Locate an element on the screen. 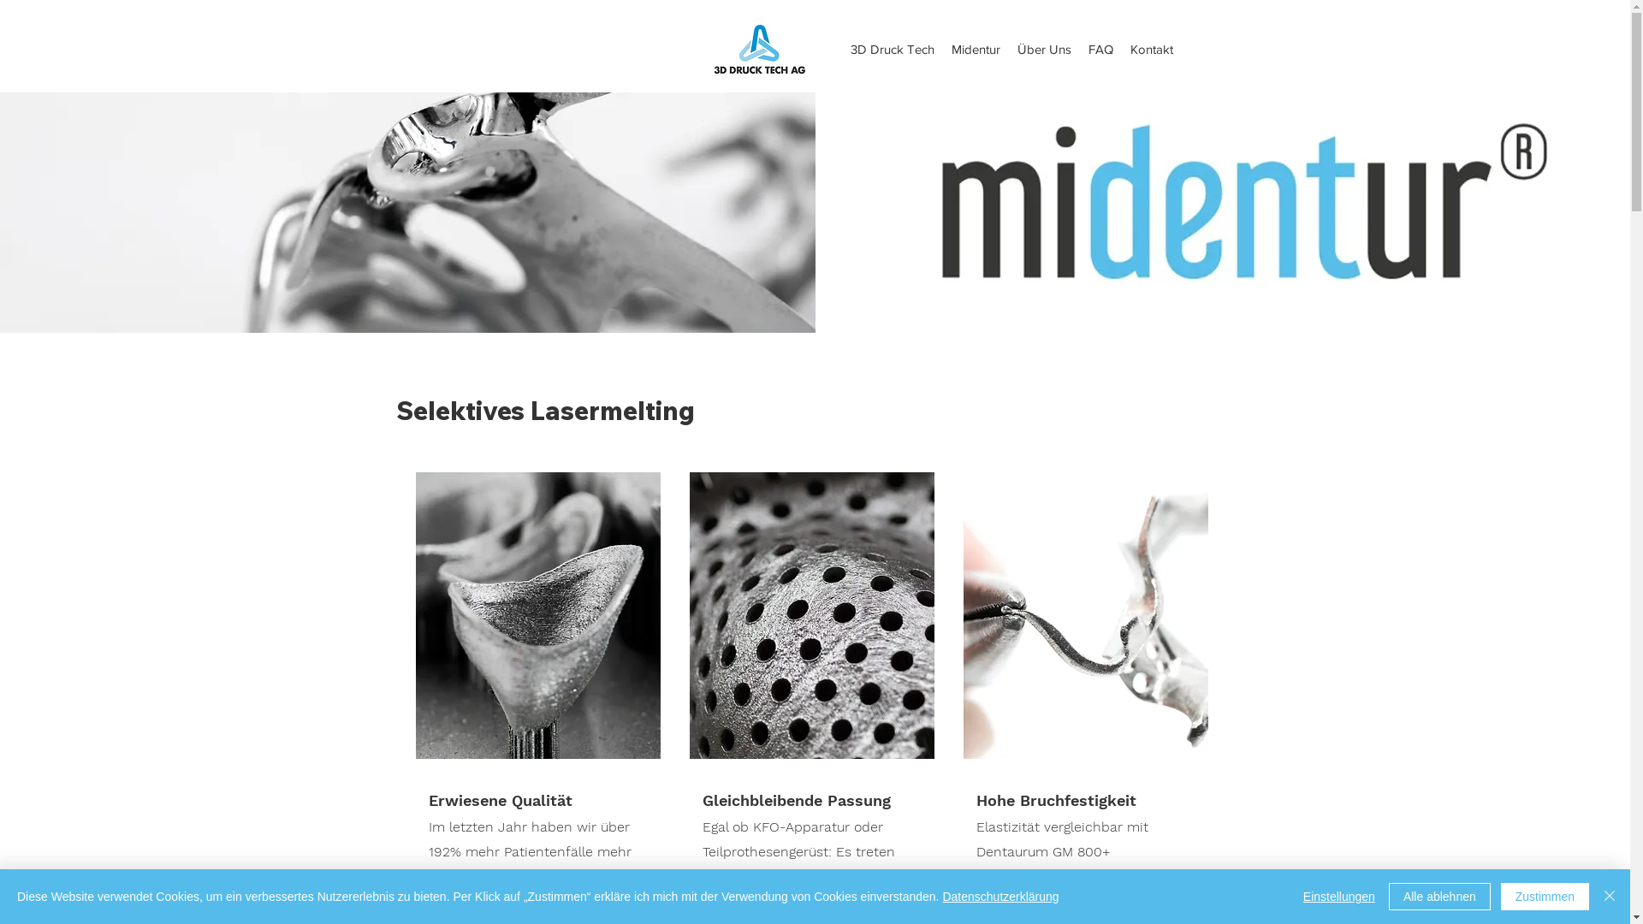  'Alle ablehnen' is located at coordinates (1388, 896).